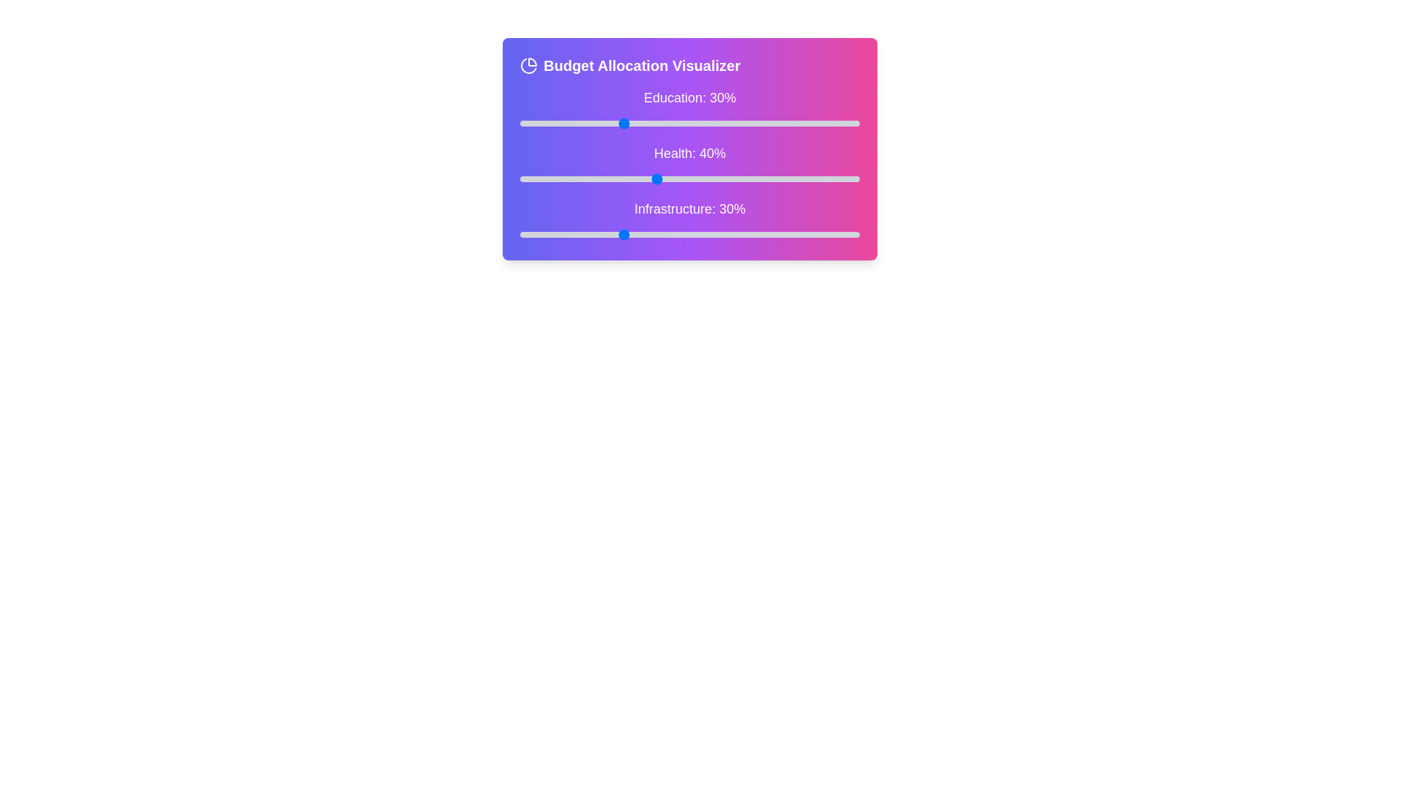 Image resolution: width=1405 pixels, height=790 pixels. Describe the element at coordinates (584, 178) in the screenshot. I see `health allocation` at that location.